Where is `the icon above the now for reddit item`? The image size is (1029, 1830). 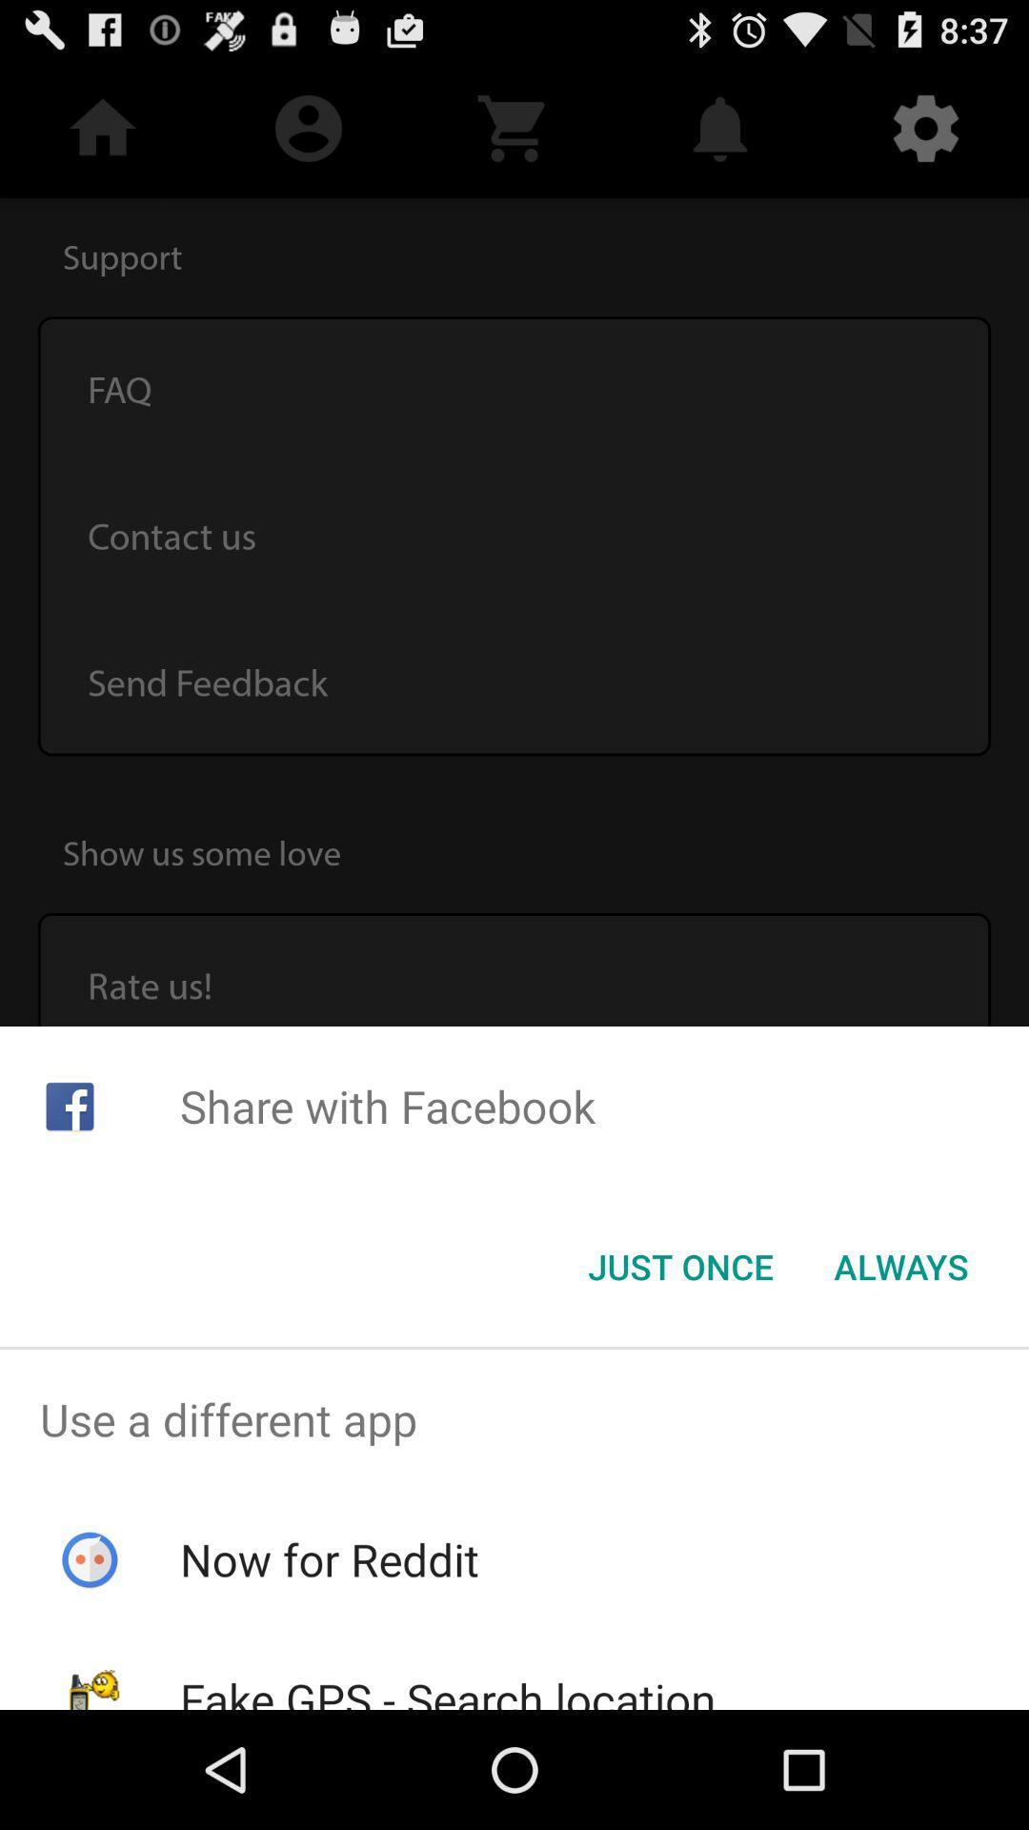 the icon above the now for reddit item is located at coordinates (514, 1419).